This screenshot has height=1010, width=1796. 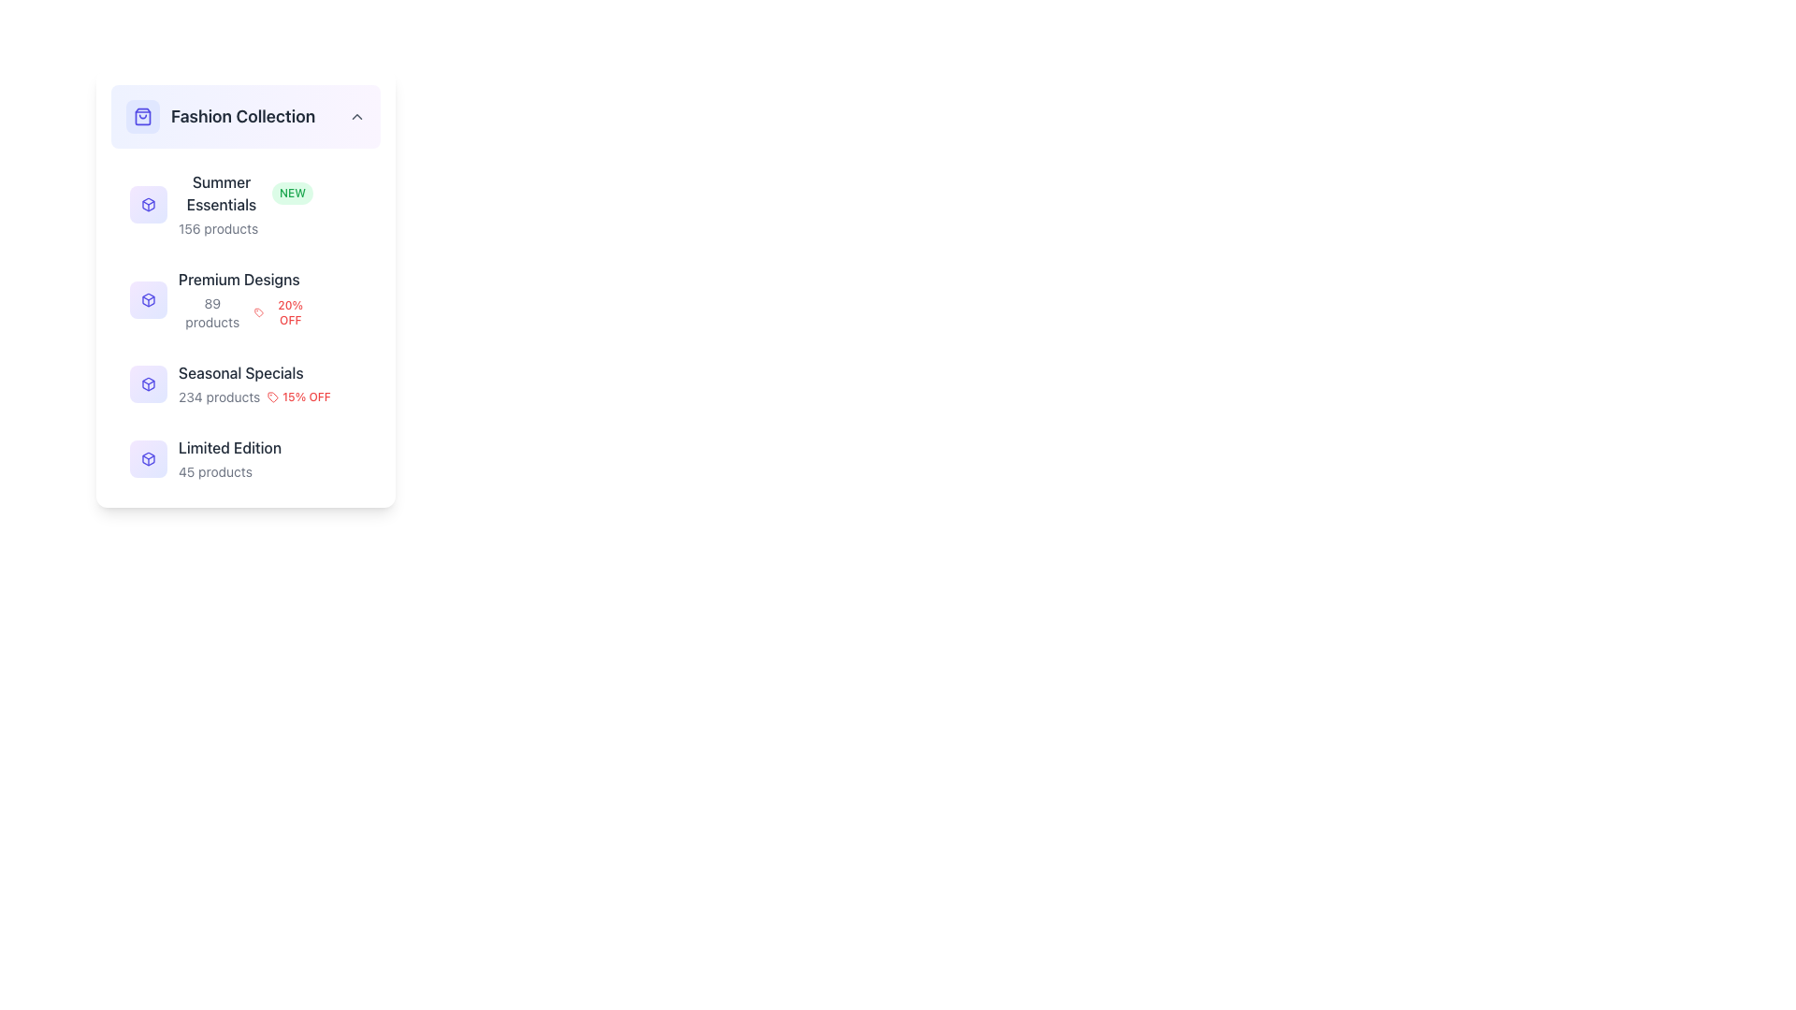 I want to click on the text label displaying '20% OFF' in red color, which is located beneath the 'Premium Designs' section and to the right of a small red tag icon in the 'Fashion Collection' section, so click(x=282, y=312).